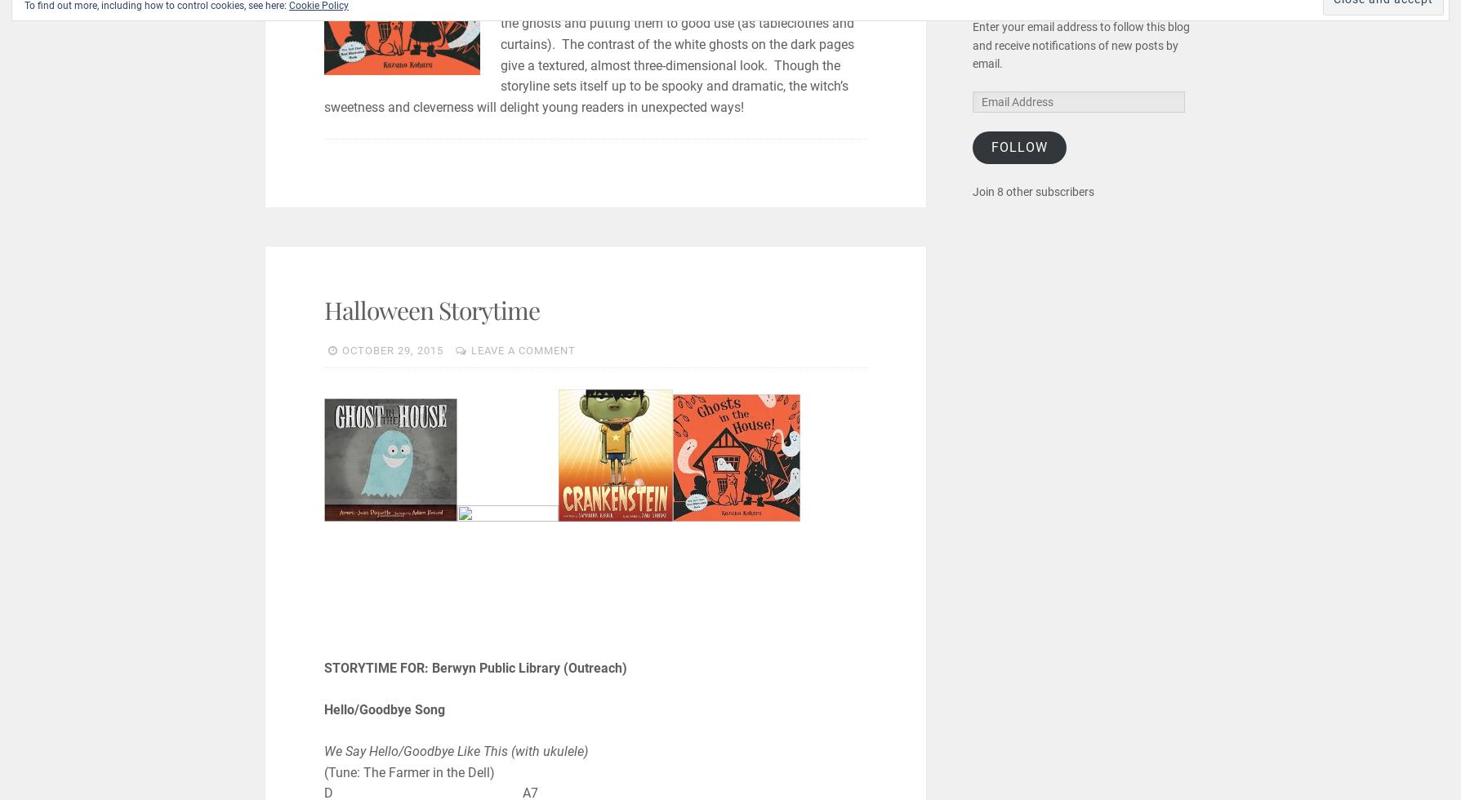 Image resolution: width=1461 pixels, height=800 pixels. What do you see at coordinates (408, 771) in the screenshot?
I see `'(Tune: The Farmer in the Dell)'` at bounding box center [408, 771].